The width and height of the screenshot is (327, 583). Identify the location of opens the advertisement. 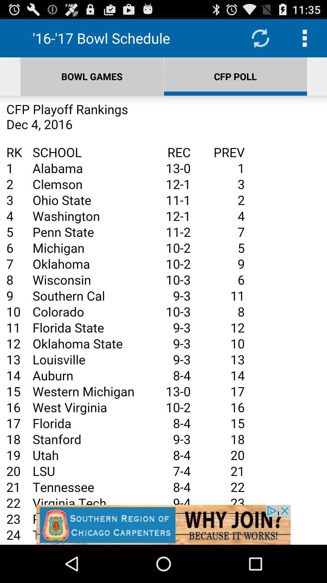
(163, 320).